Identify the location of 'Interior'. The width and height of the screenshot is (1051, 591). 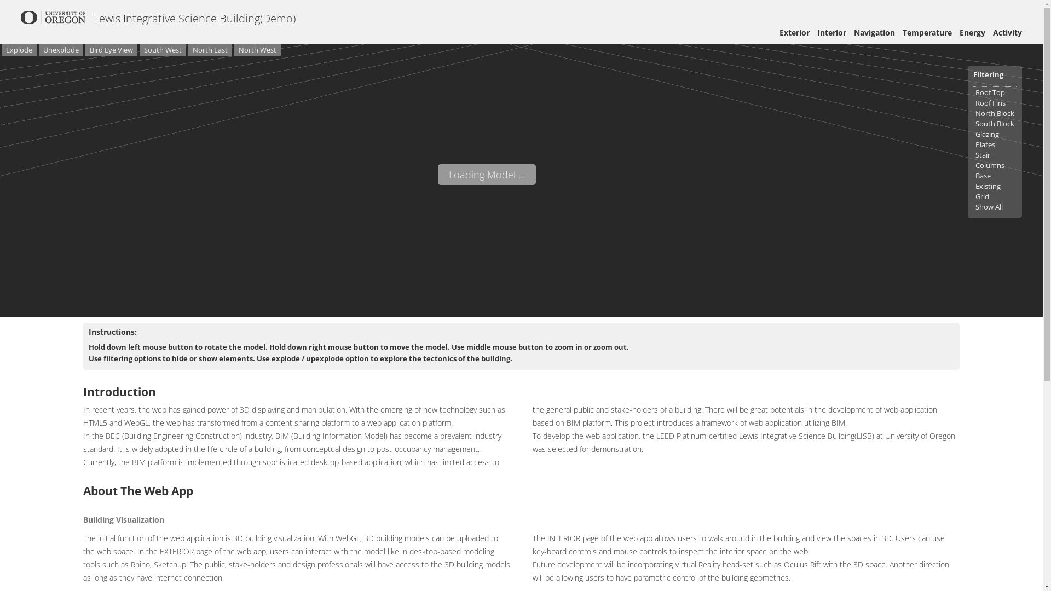
(831, 32).